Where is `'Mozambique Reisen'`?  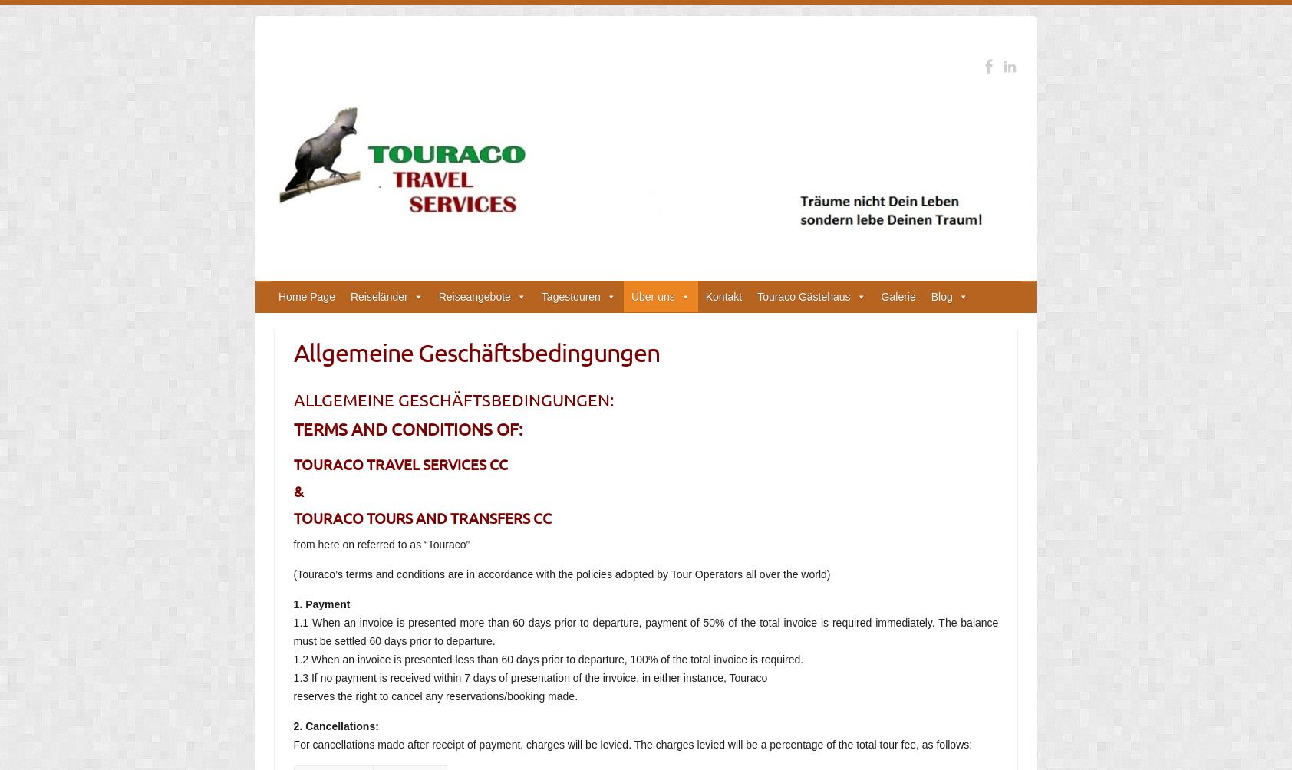
'Mozambique Reisen' is located at coordinates (487, 572).